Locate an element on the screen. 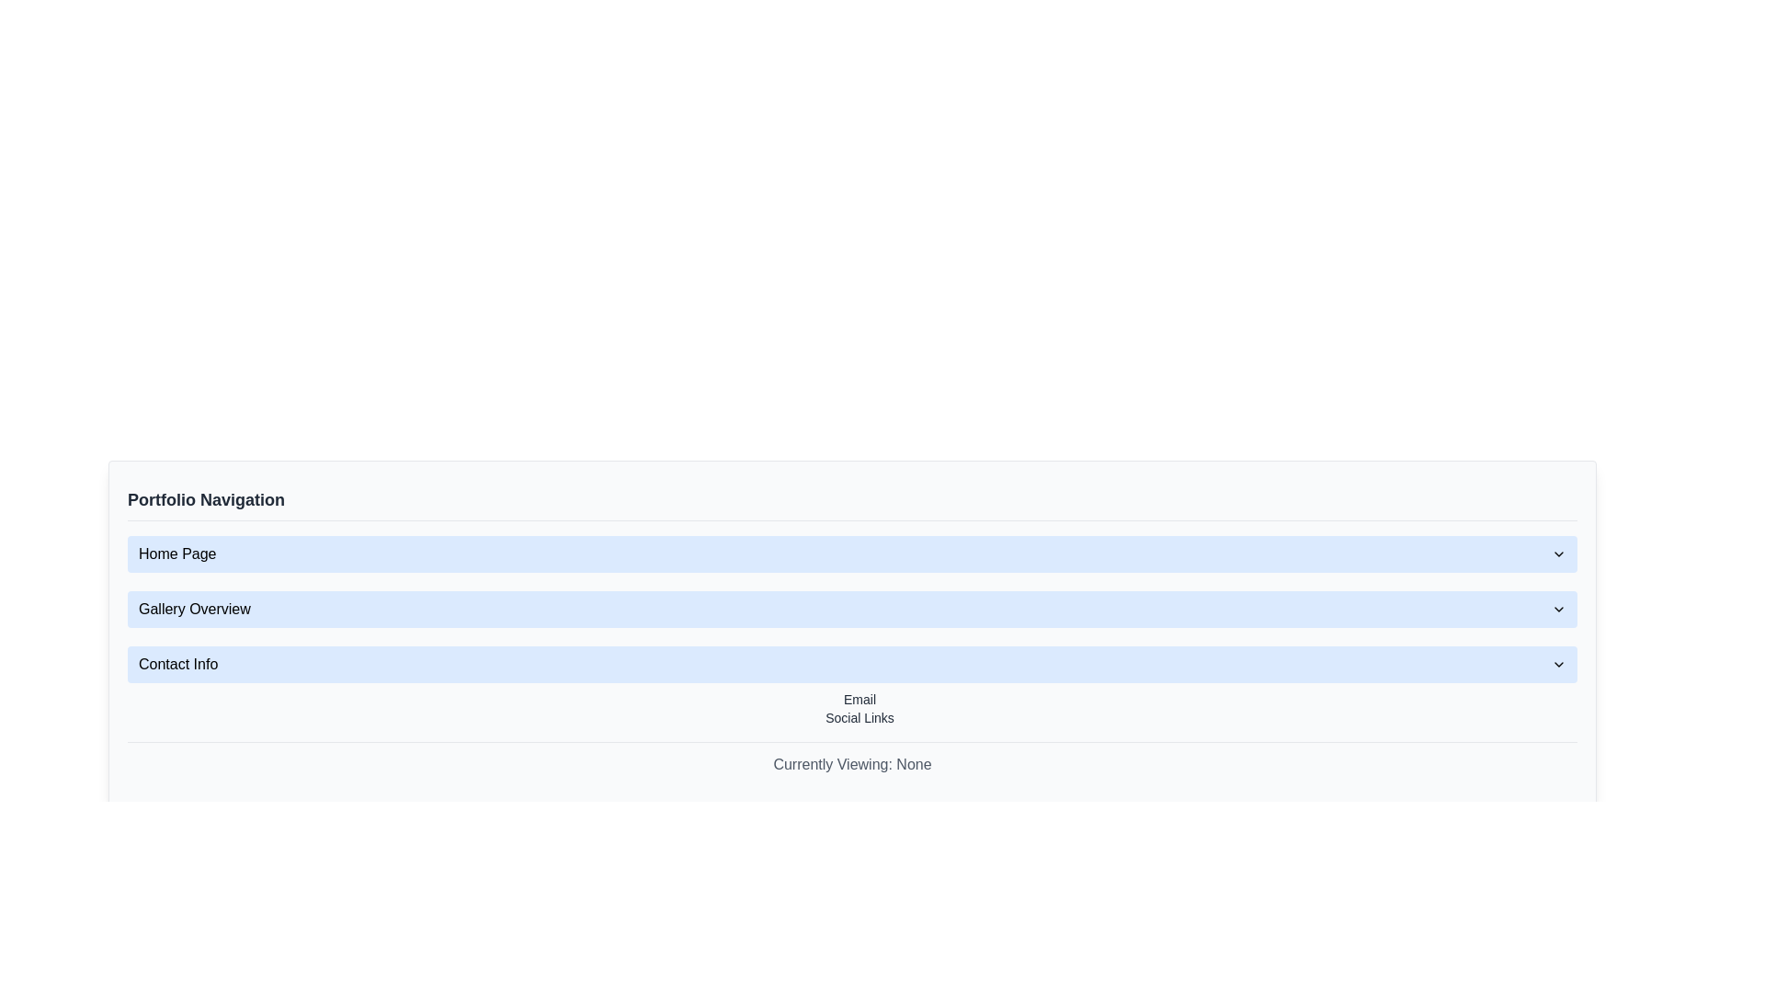  the 'Email' link within the 'Contact Info' collapsible section is located at coordinates (851, 687).